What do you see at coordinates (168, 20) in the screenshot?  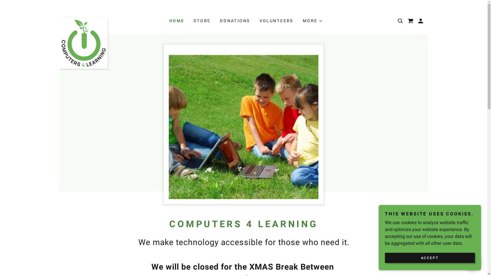 I see `'HOME'` at bounding box center [168, 20].